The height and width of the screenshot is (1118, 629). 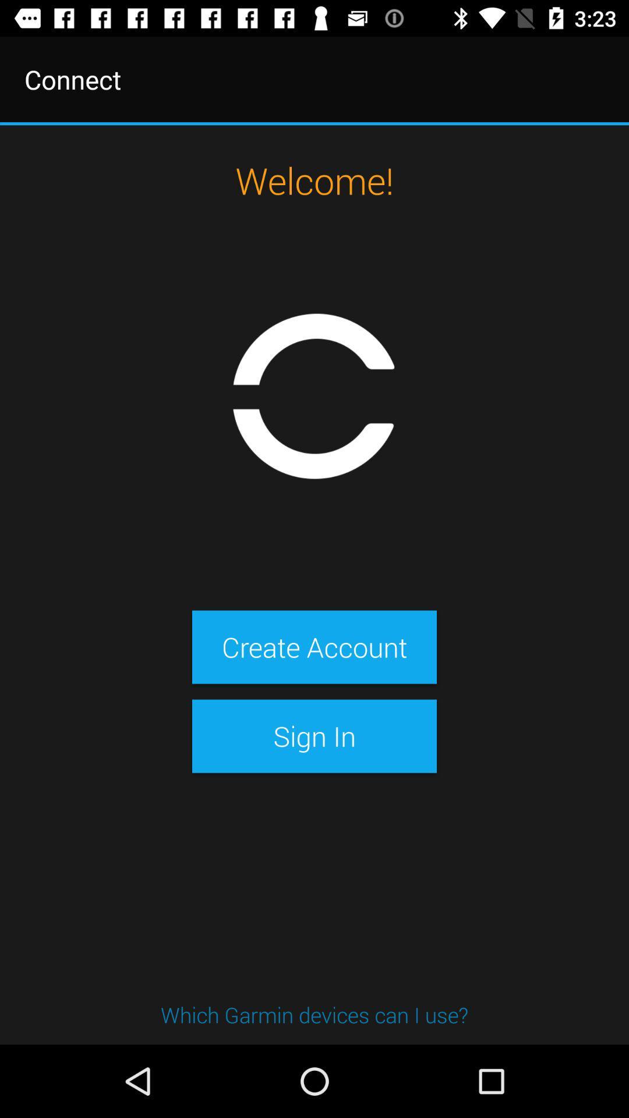 I want to click on which garmin devices icon, so click(x=314, y=1014).